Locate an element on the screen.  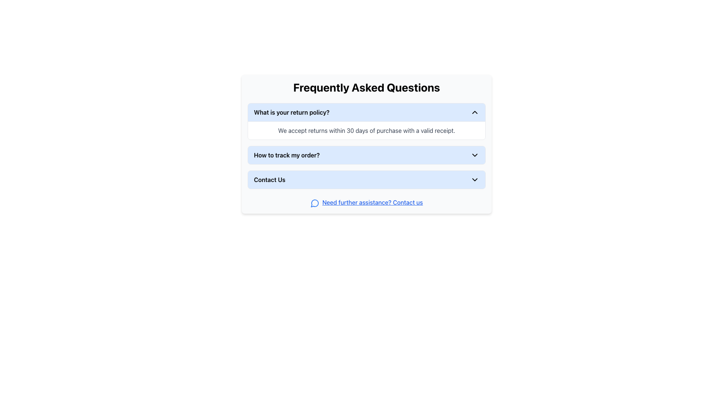
the 'Contact Us' button in the FAQ section to trigger a visual highlight or tooltip is located at coordinates (366, 179).